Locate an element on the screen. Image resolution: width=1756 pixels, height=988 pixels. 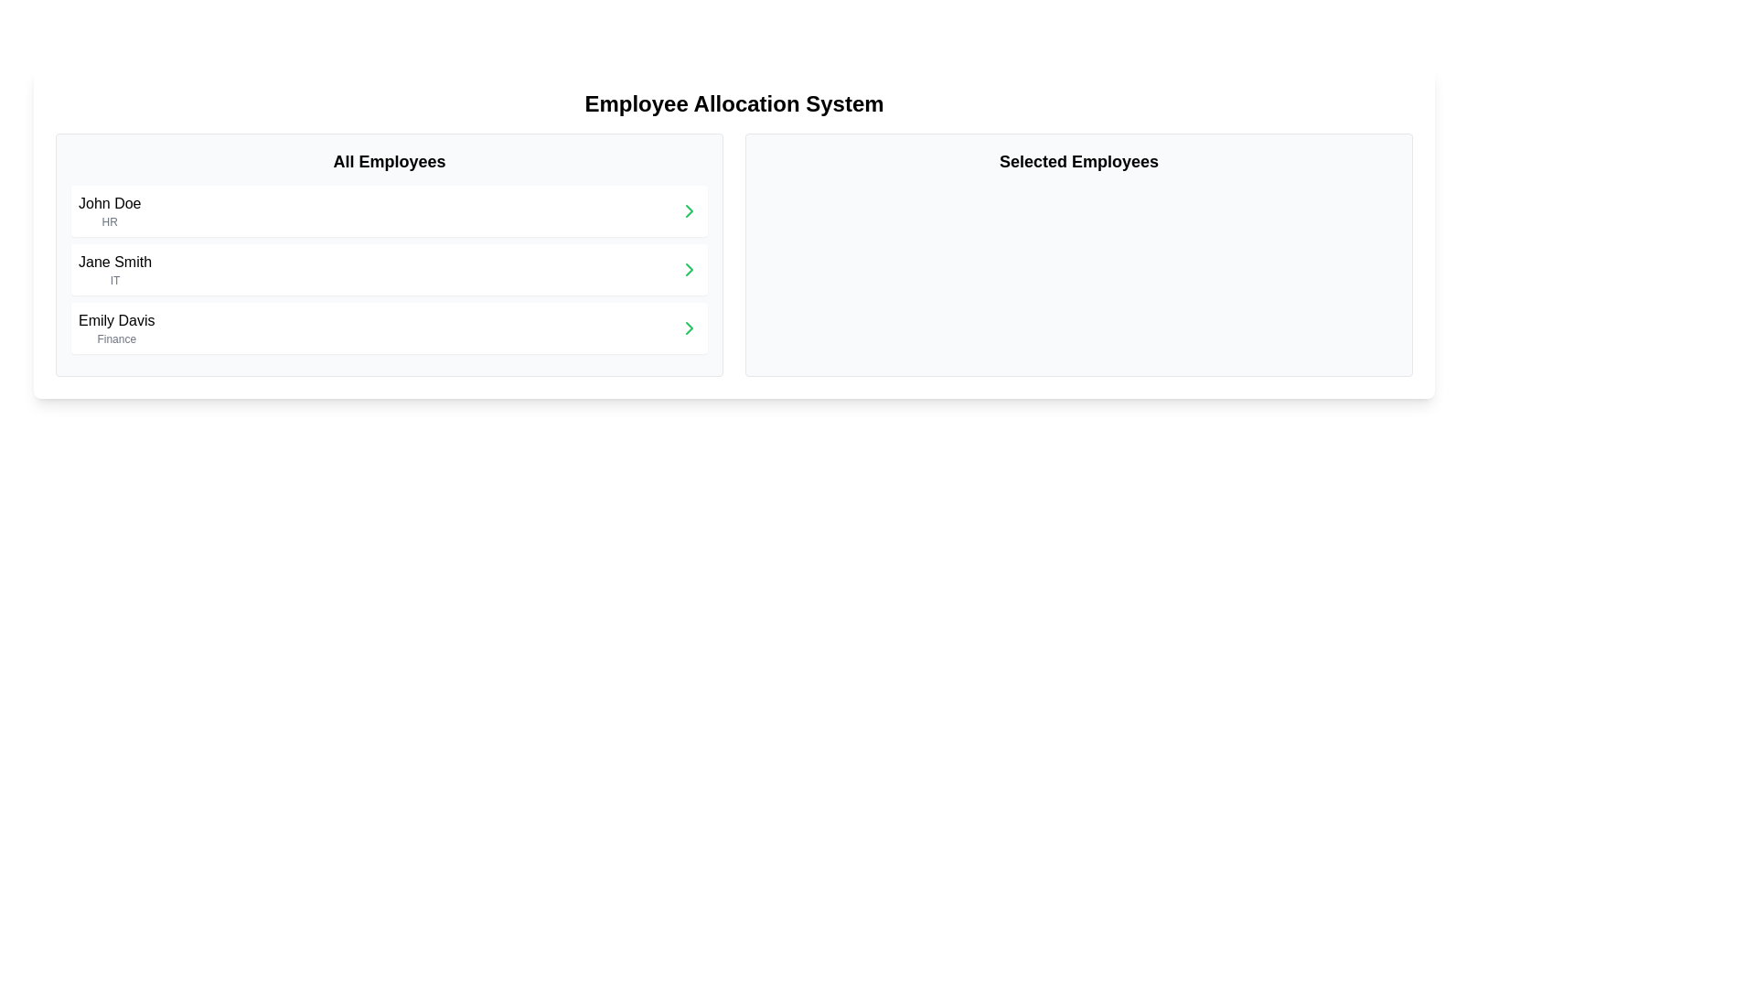
the rightward-pointing chevron icon associated with the employee 'Emily Davis' is located at coordinates (688, 327).